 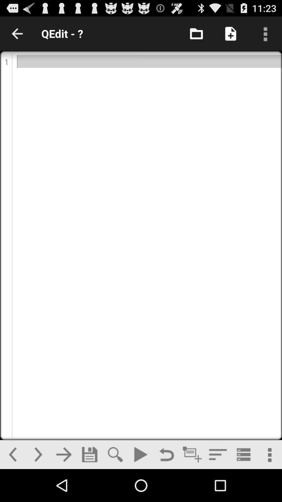 I want to click on settings, so click(x=269, y=454).